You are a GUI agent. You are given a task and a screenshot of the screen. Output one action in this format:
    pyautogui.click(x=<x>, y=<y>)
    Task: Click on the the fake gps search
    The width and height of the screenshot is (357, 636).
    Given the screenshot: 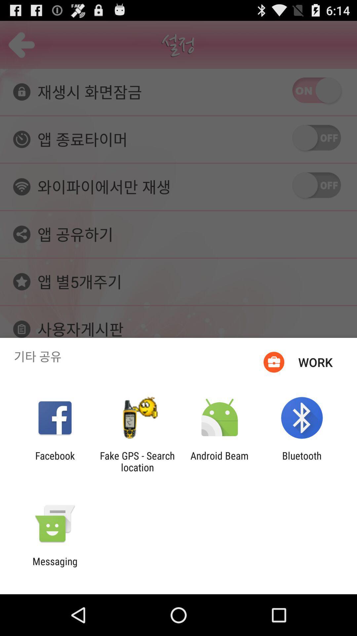 What is the action you would take?
    pyautogui.click(x=137, y=461)
    